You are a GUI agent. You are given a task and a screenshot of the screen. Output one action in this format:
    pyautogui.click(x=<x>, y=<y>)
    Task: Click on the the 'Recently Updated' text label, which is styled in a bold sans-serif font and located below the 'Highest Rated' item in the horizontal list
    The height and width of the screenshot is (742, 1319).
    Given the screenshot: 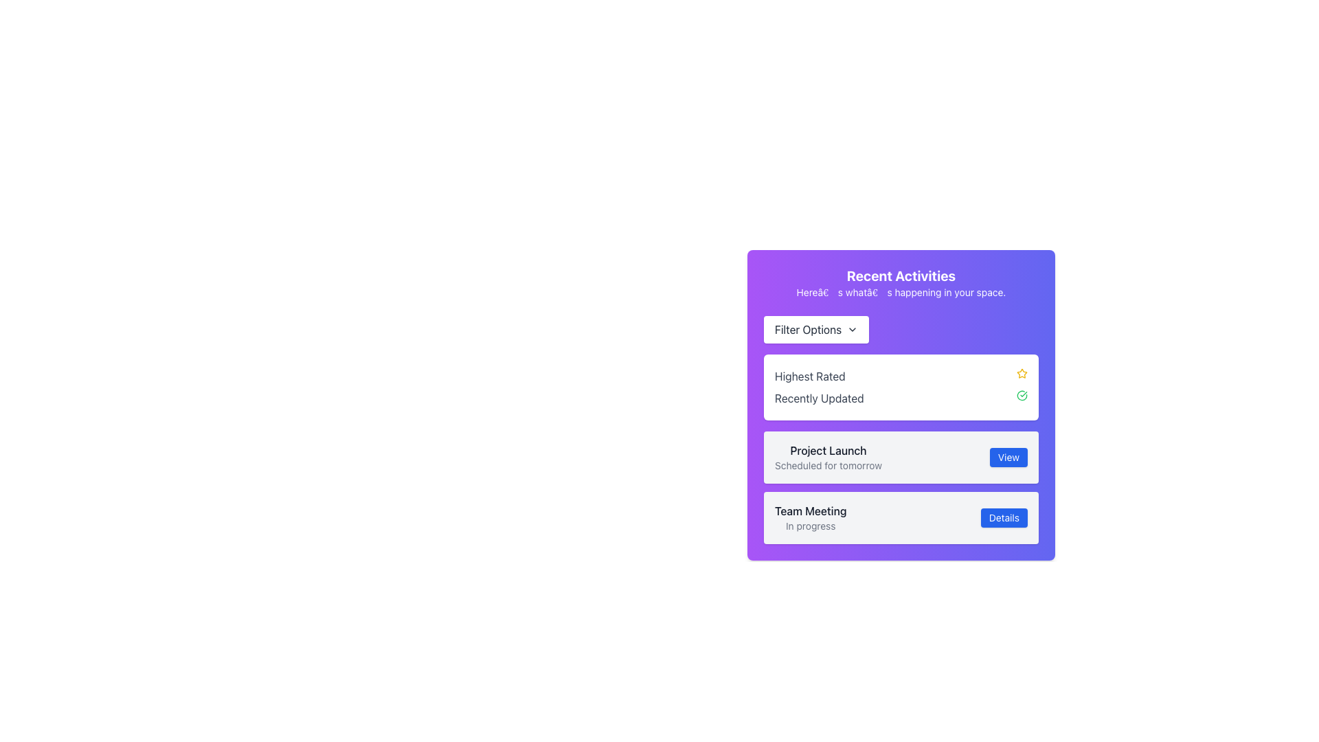 What is the action you would take?
    pyautogui.click(x=819, y=398)
    